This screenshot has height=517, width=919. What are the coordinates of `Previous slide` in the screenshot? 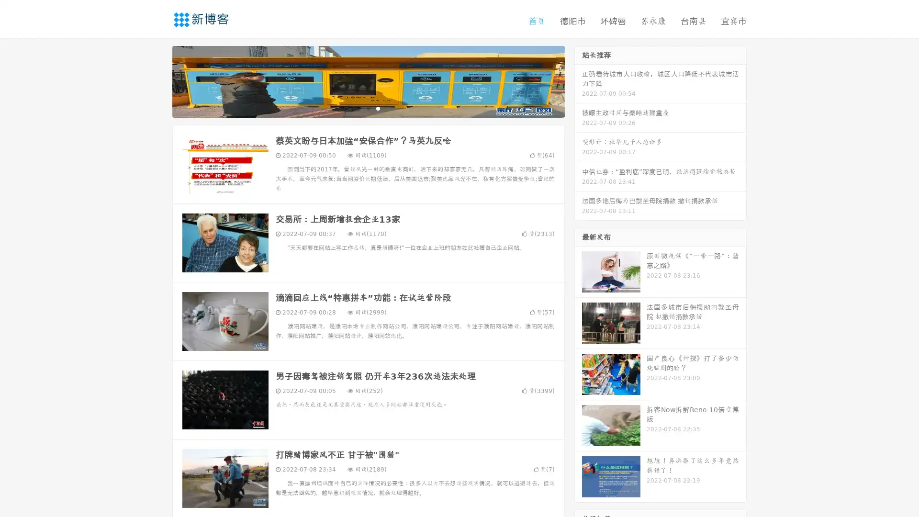 It's located at (158, 80).